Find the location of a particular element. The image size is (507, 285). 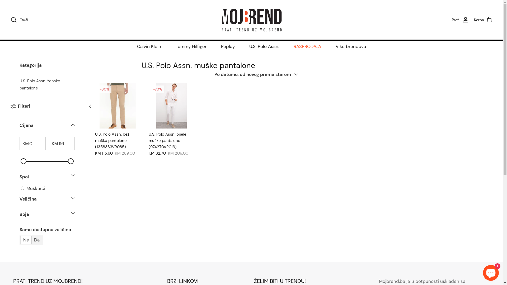

'Replay' is located at coordinates (214, 46).